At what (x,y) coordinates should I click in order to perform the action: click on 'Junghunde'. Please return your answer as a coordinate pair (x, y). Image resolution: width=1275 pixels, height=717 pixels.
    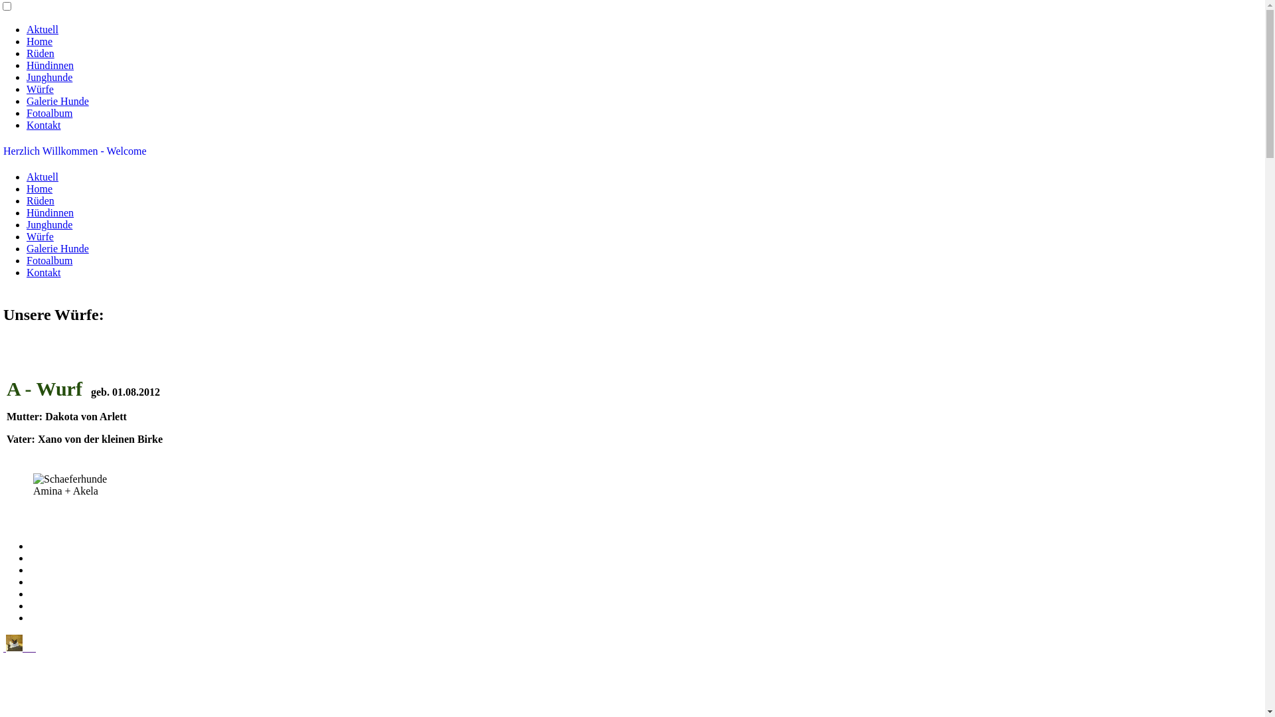
    Looking at the image, I should click on (49, 77).